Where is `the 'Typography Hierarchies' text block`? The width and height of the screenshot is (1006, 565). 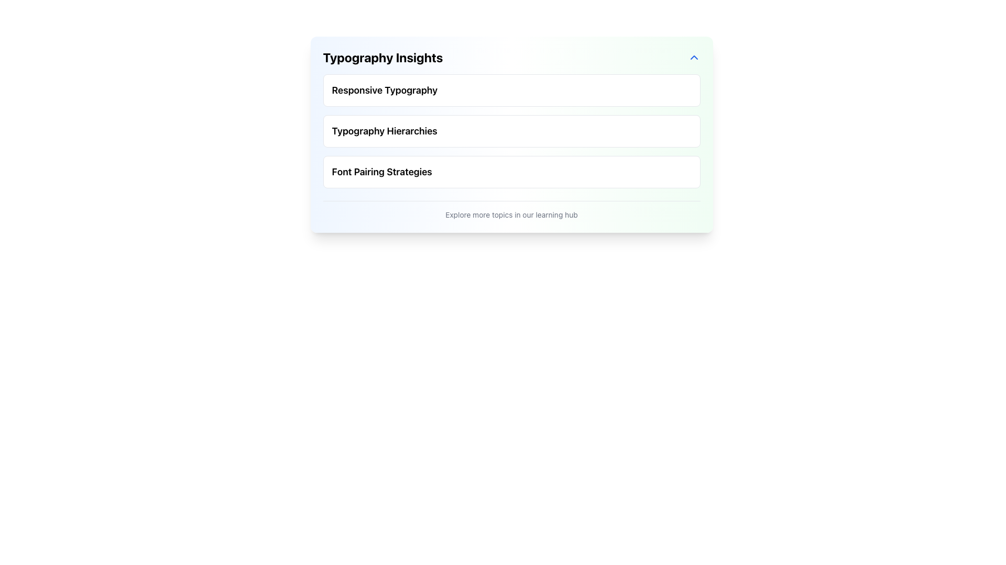
the 'Typography Hierarchies' text block is located at coordinates (511, 134).